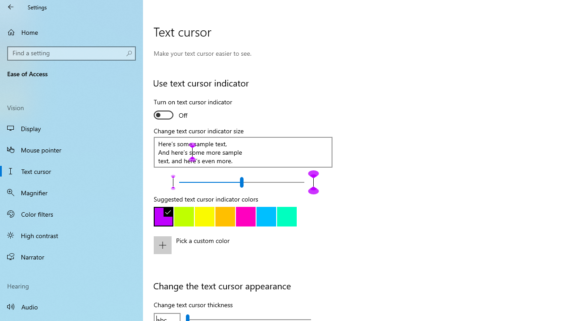 Image resolution: width=572 pixels, height=321 pixels. I want to click on 'Lime', so click(184, 217).